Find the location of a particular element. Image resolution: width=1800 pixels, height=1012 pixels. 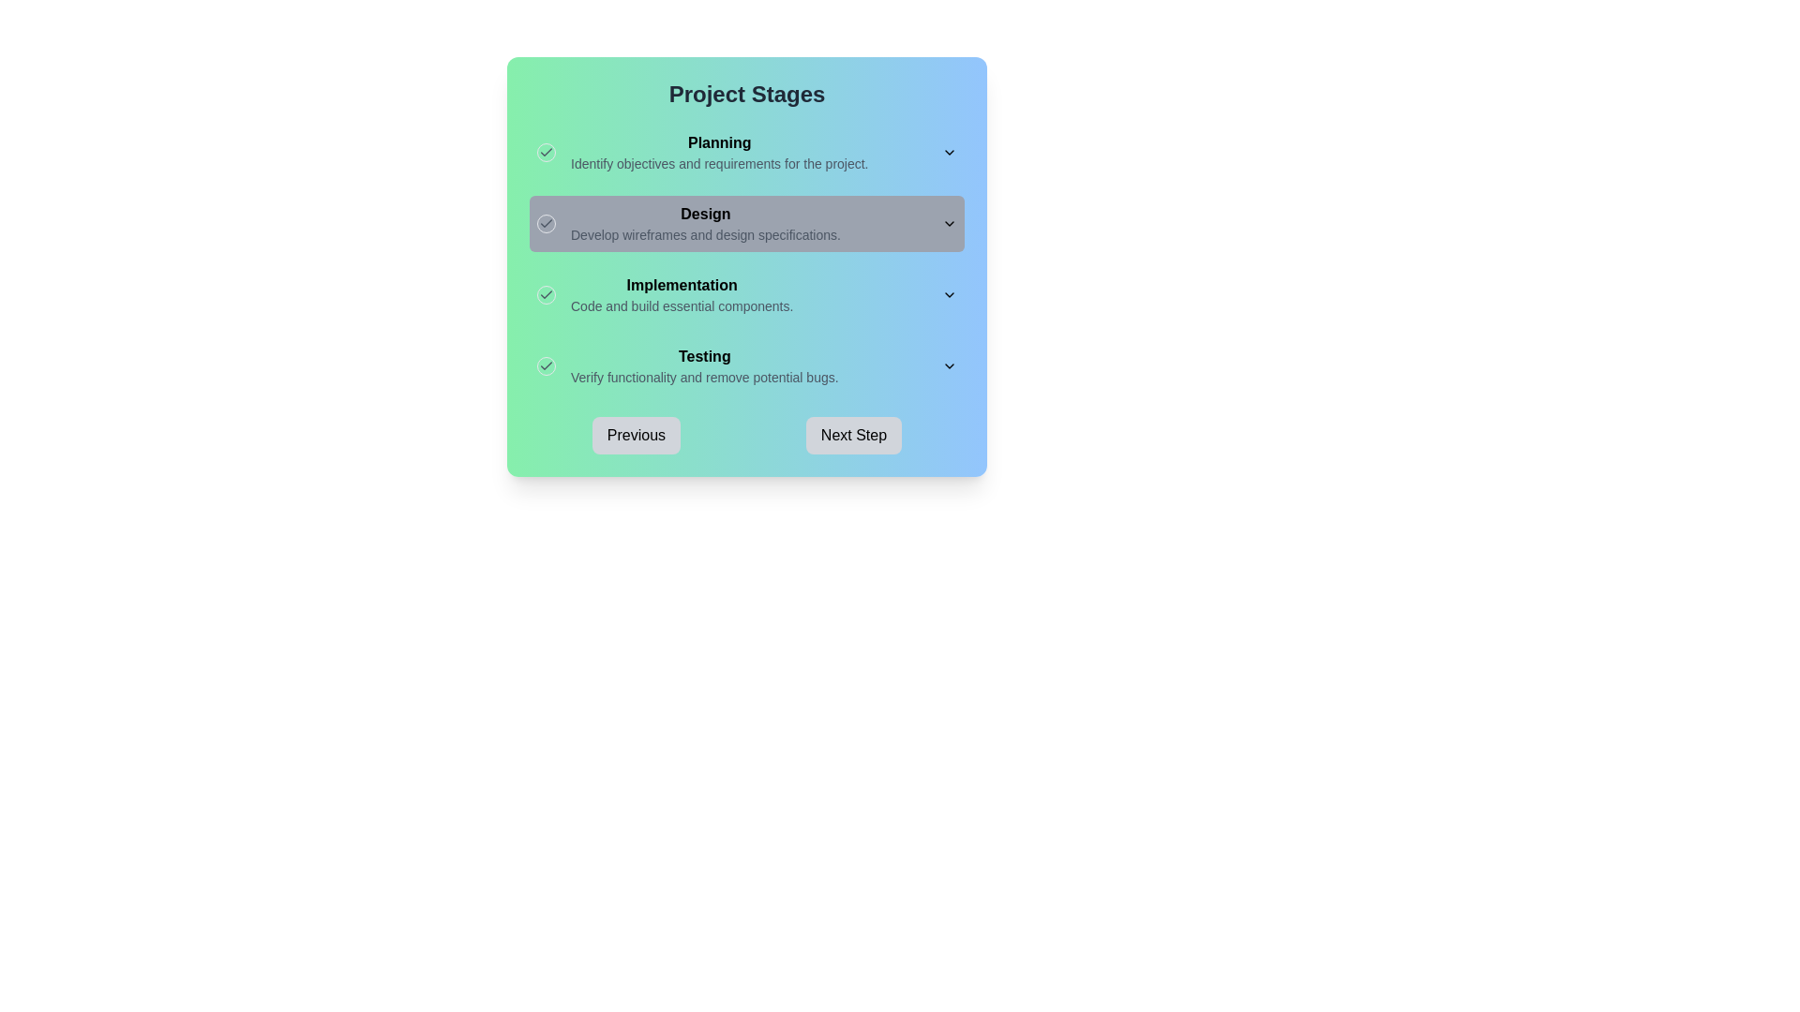

the radio button styled as a visual indicator for the 'Design' section within the 'Project Stages' module, which is located adjacent to the text 'Design' is located at coordinates (545, 223).